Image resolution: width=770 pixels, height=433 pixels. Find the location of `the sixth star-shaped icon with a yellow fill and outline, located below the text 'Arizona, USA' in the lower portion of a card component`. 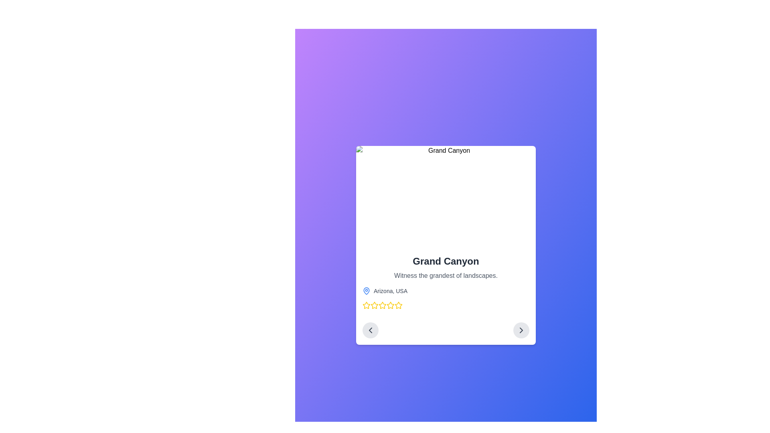

the sixth star-shaped icon with a yellow fill and outline, located below the text 'Arizona, USA' in the lower portion of a card component is located at coordinates (391, 306).